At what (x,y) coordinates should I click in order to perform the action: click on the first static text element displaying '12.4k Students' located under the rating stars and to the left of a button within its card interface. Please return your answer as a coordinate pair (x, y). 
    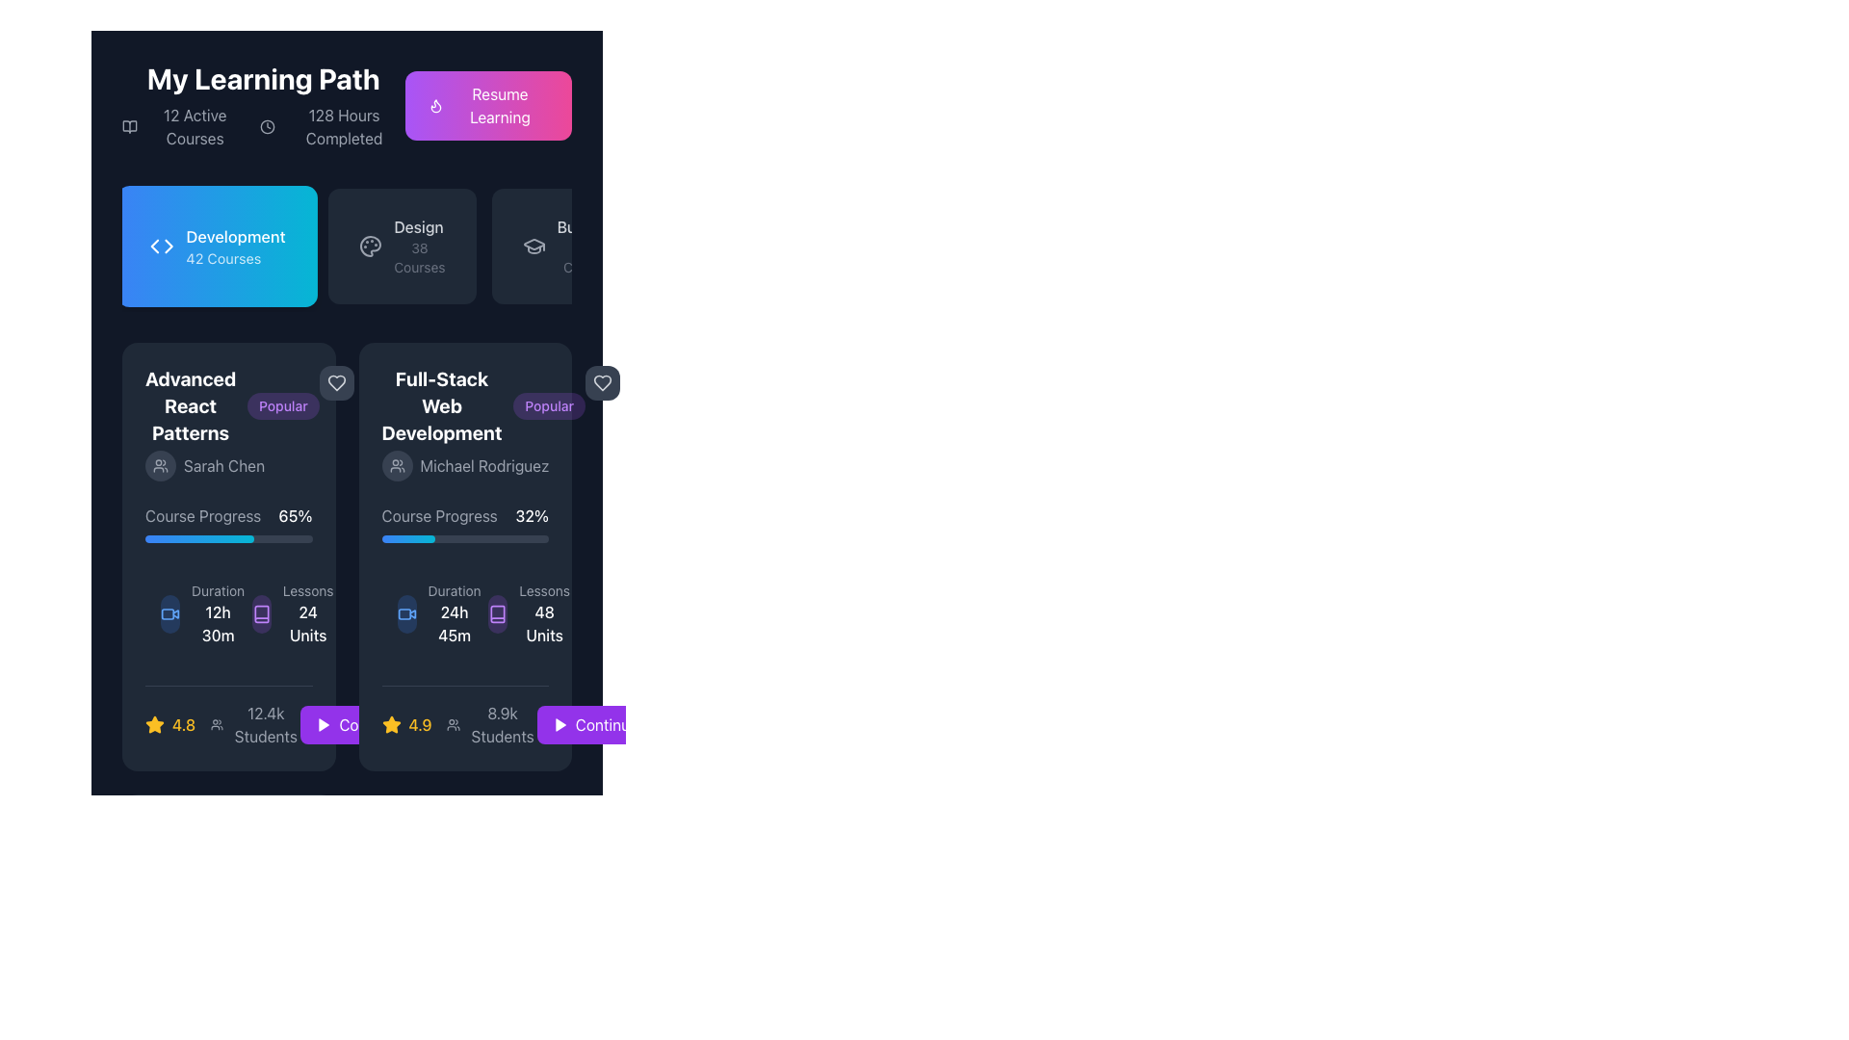
    Looking at the image, I should click on (265, 724).